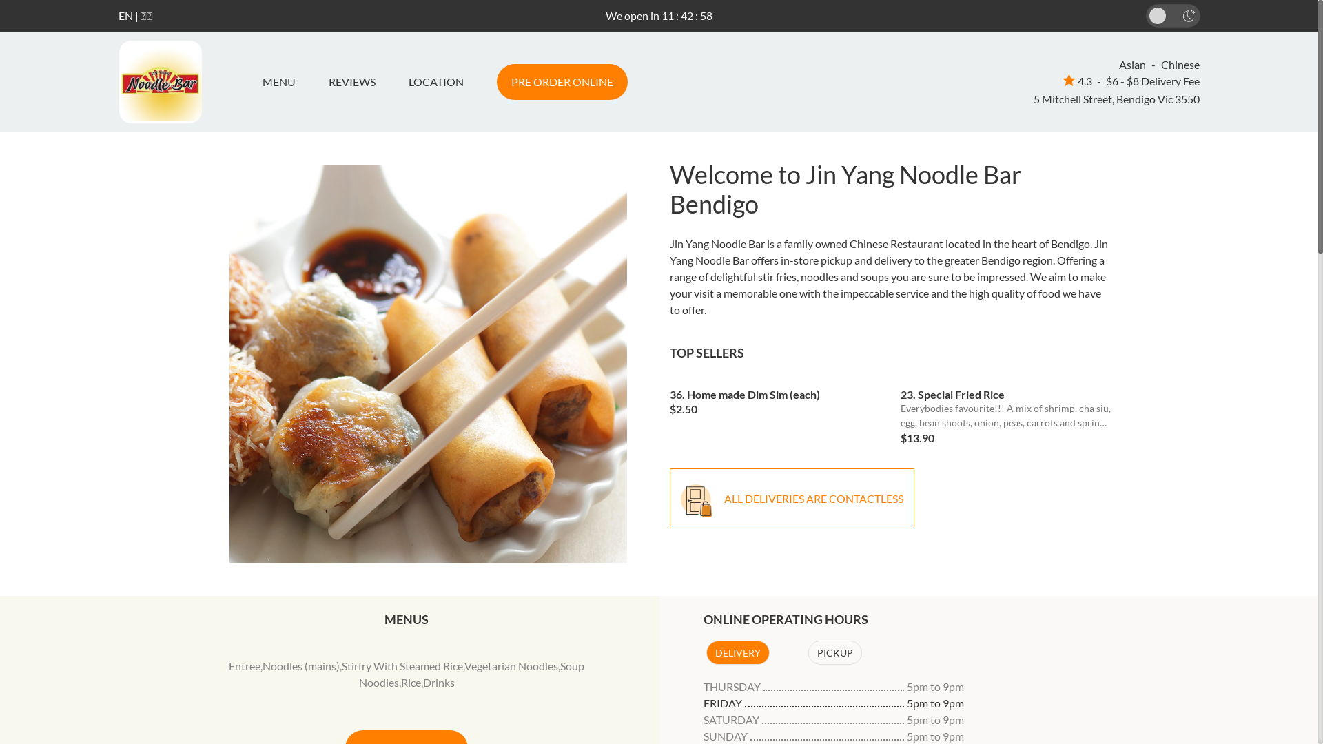  I want to click on 'LOCATION', so click(435, 82).